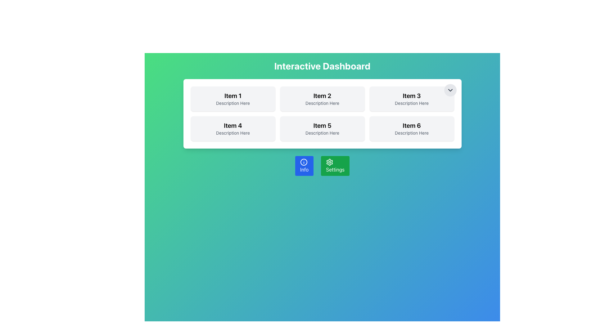  Describe the element at coordinates (335, 166) in the screenshot. I see `the green rectangle-shaped button labeled 'Settings' with a gear-shaped icon, located in the bottom center of the interface` at that location.